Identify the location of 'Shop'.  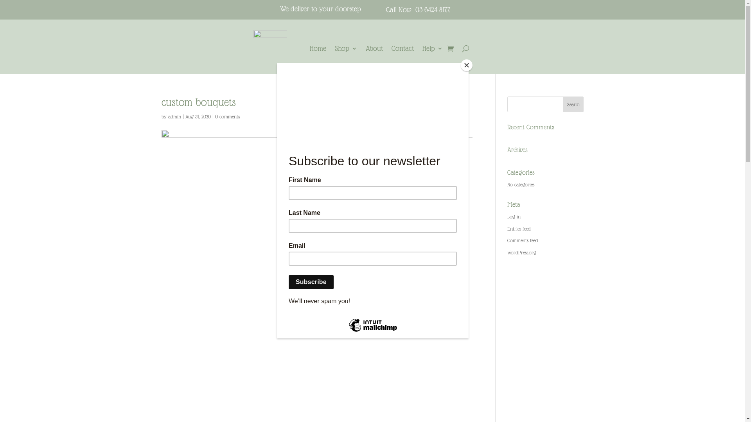
(334, 50).